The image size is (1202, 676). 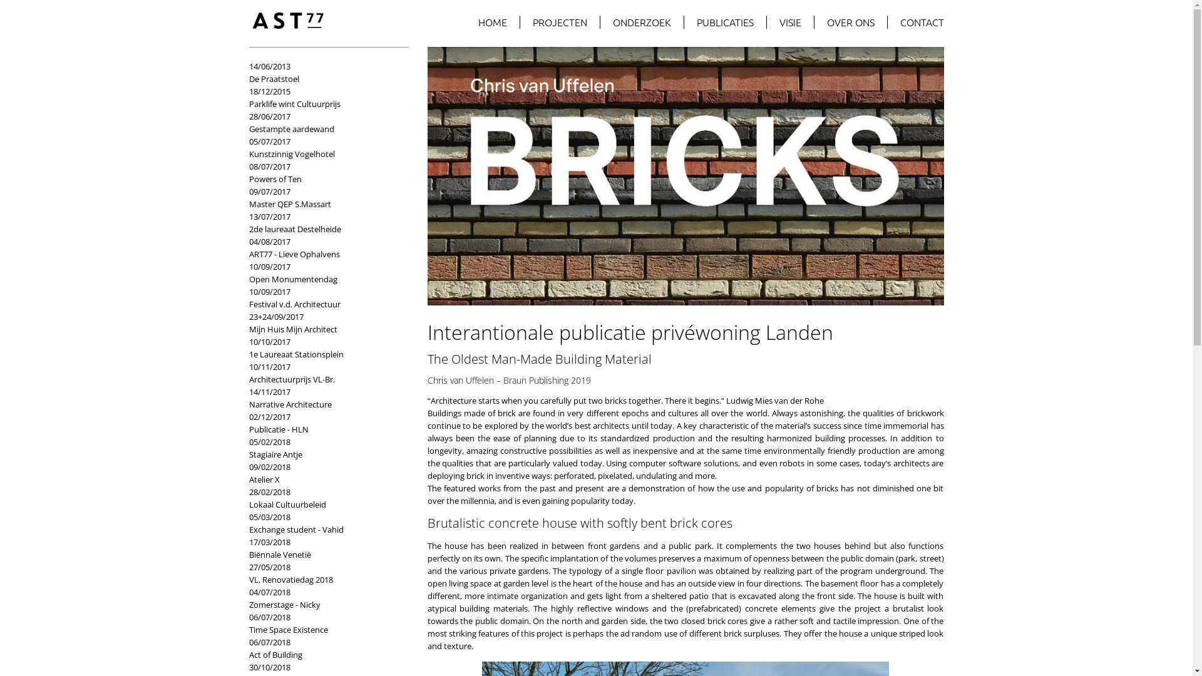 I want to click on '09/02/2018, so click(x=249, y=473).